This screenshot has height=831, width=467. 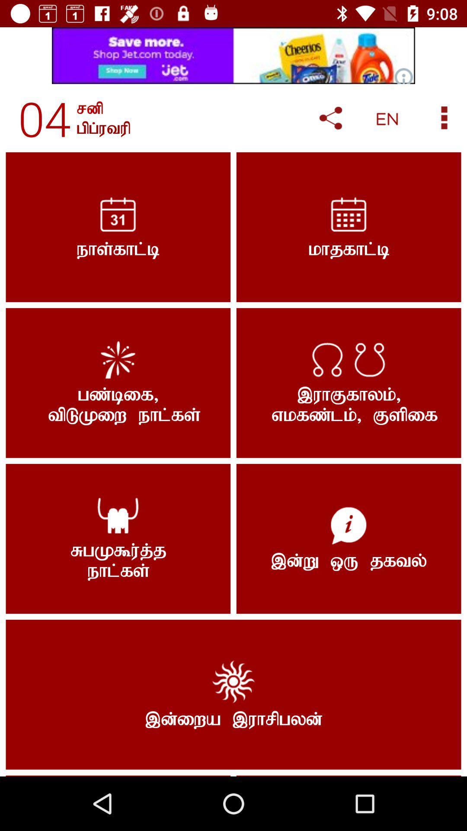 What do you see at coordinates (233, 55) in the screenshot?
I see `advertisement` at bounding box center [233, 55].